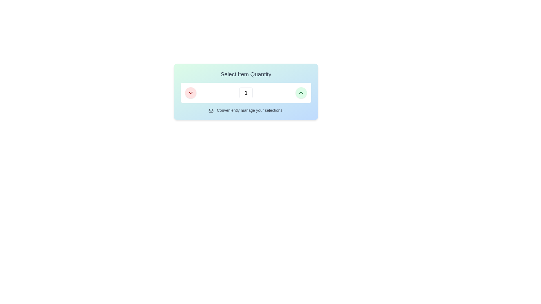 The width and height of the screenshot is (541, 304). I want to click on the downward-pointing chevron icon of the Dropdown button indicator, so click(190, 93).